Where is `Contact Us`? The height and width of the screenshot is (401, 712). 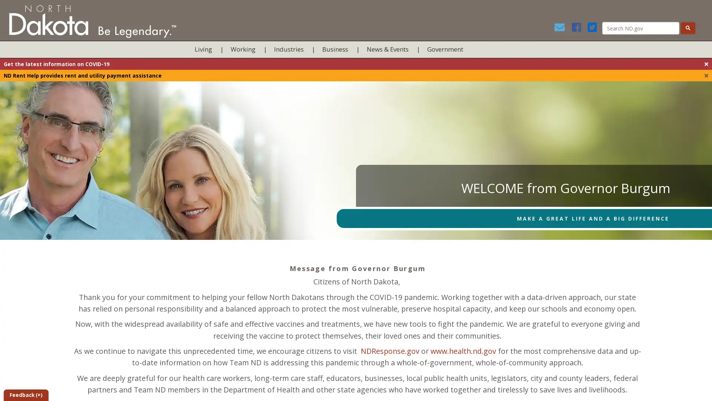 Contact Us is located at coordinates (562, 29).